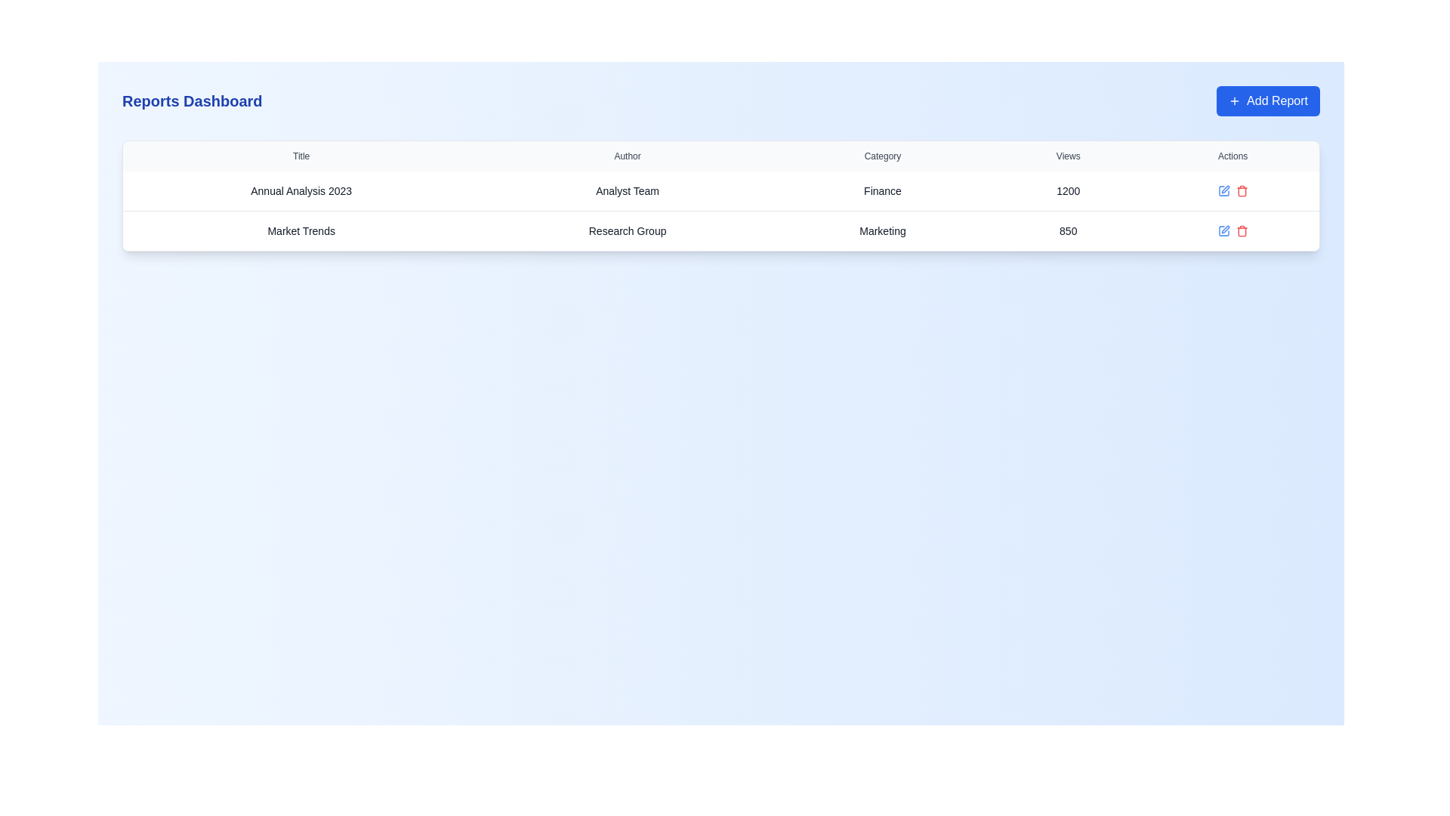 This screenshot has width=1450, height=816. What do you see at coordinates (882, 156) in the screenshot?
I see `the 'Category' header cell in the table, which is the third header cell indicating the content type of the corresponding column` at bounding box center [882, 156].